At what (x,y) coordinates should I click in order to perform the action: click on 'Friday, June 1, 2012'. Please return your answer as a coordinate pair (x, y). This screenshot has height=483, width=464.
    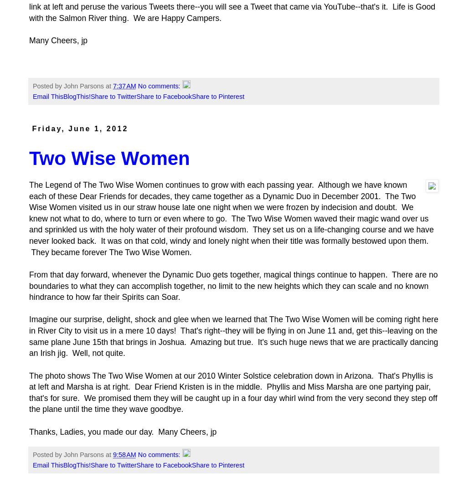
    Looking at the image, I should click on (32, 128).